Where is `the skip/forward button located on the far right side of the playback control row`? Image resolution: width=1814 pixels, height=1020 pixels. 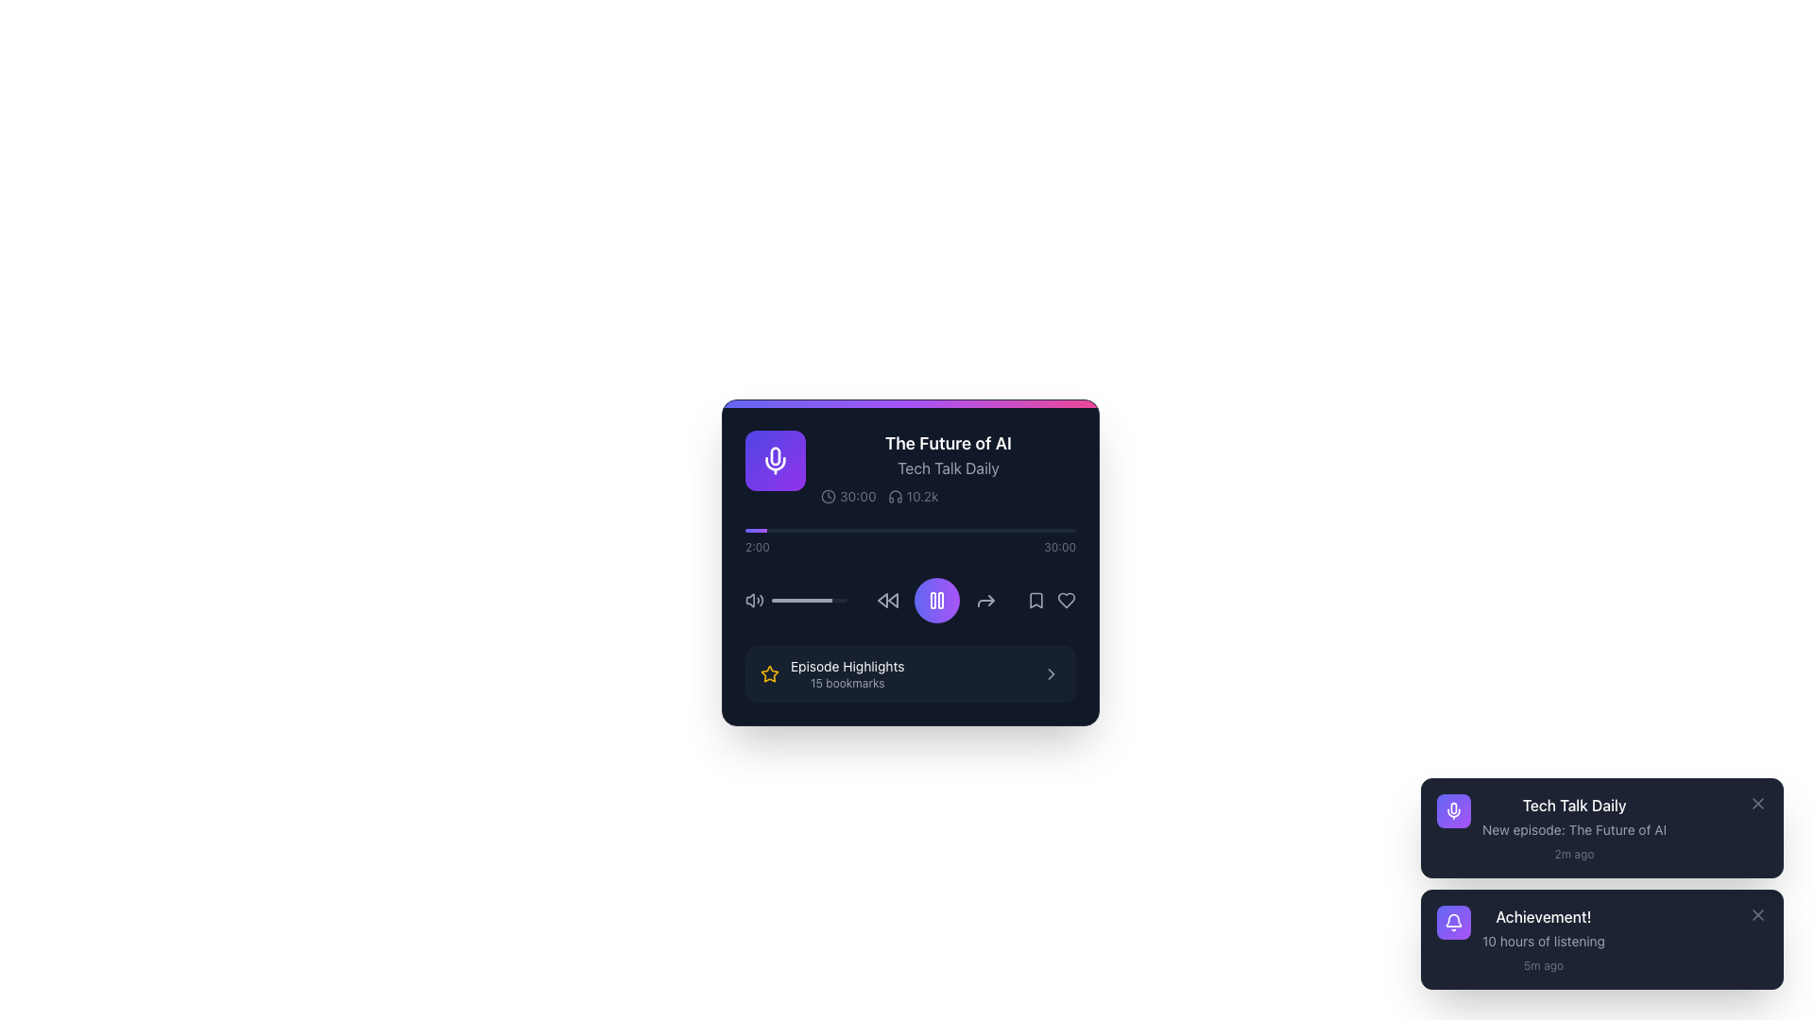
the skip/forward button located on the far right side of the playback control row is located at coordinates (984, 601).